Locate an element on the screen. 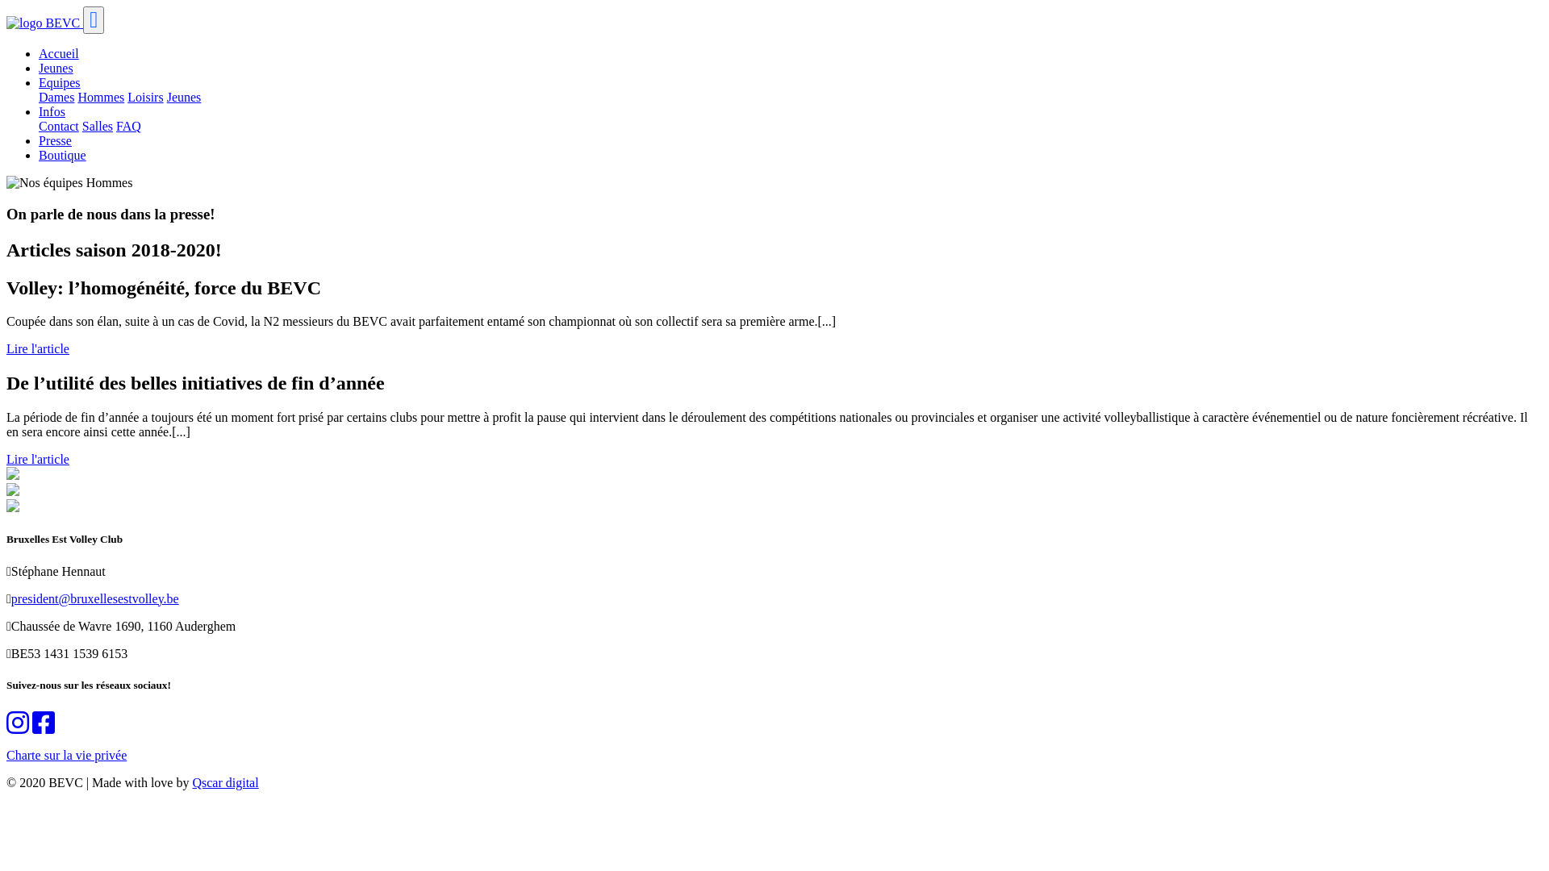 Image resolution: width=1549 pixels, height=871 pixels. 'FAQ' is located at coordinates (127, 125).